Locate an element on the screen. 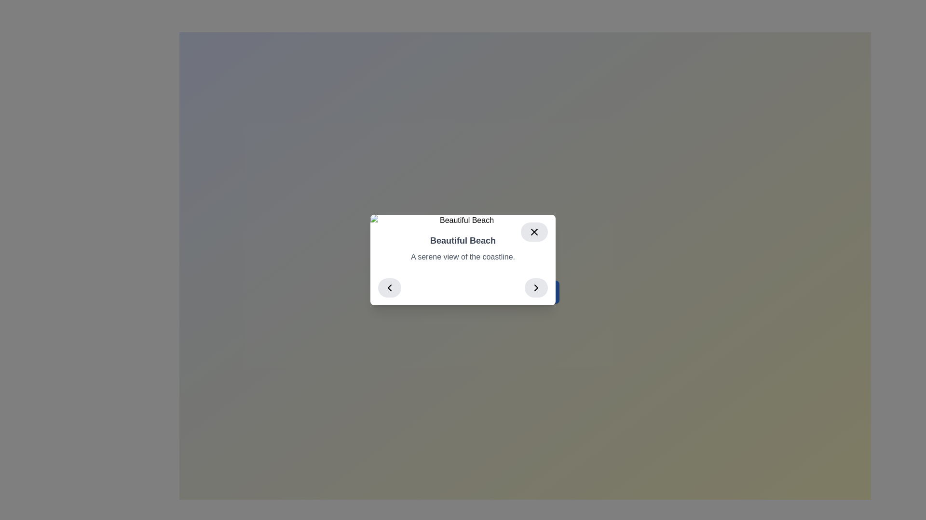 The height and width of the screenshot is (520, 926). the Close icon button, which is a medium-sized 'X' icon with a thin black stroke, located in a light gray rounded button at the top-right corner of the white box containing location information is located at coordinates (534, 232).